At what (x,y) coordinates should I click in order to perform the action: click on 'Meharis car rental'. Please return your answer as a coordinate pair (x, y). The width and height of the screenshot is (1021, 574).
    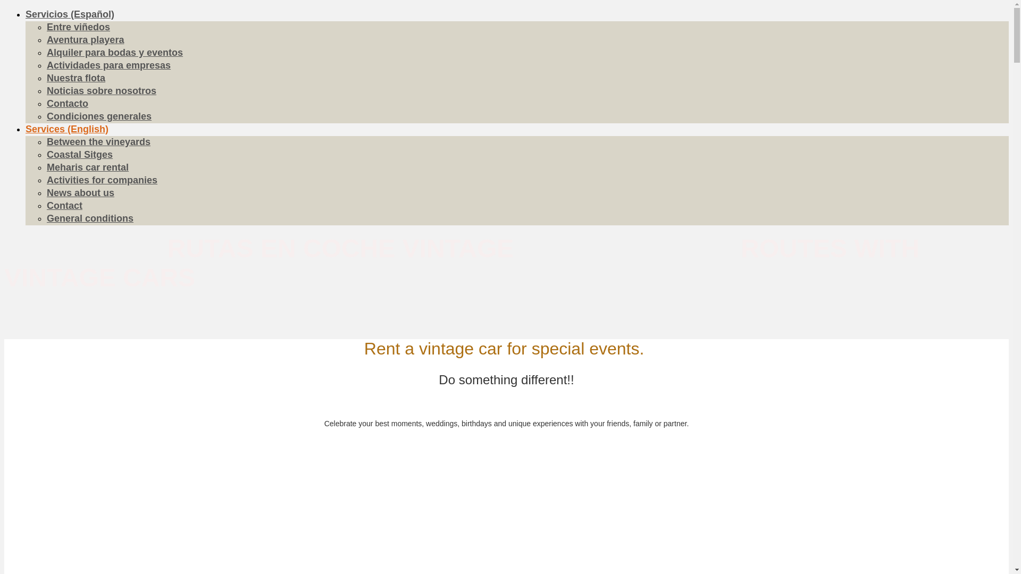
    Looking at the image, I should click on (87, 167).